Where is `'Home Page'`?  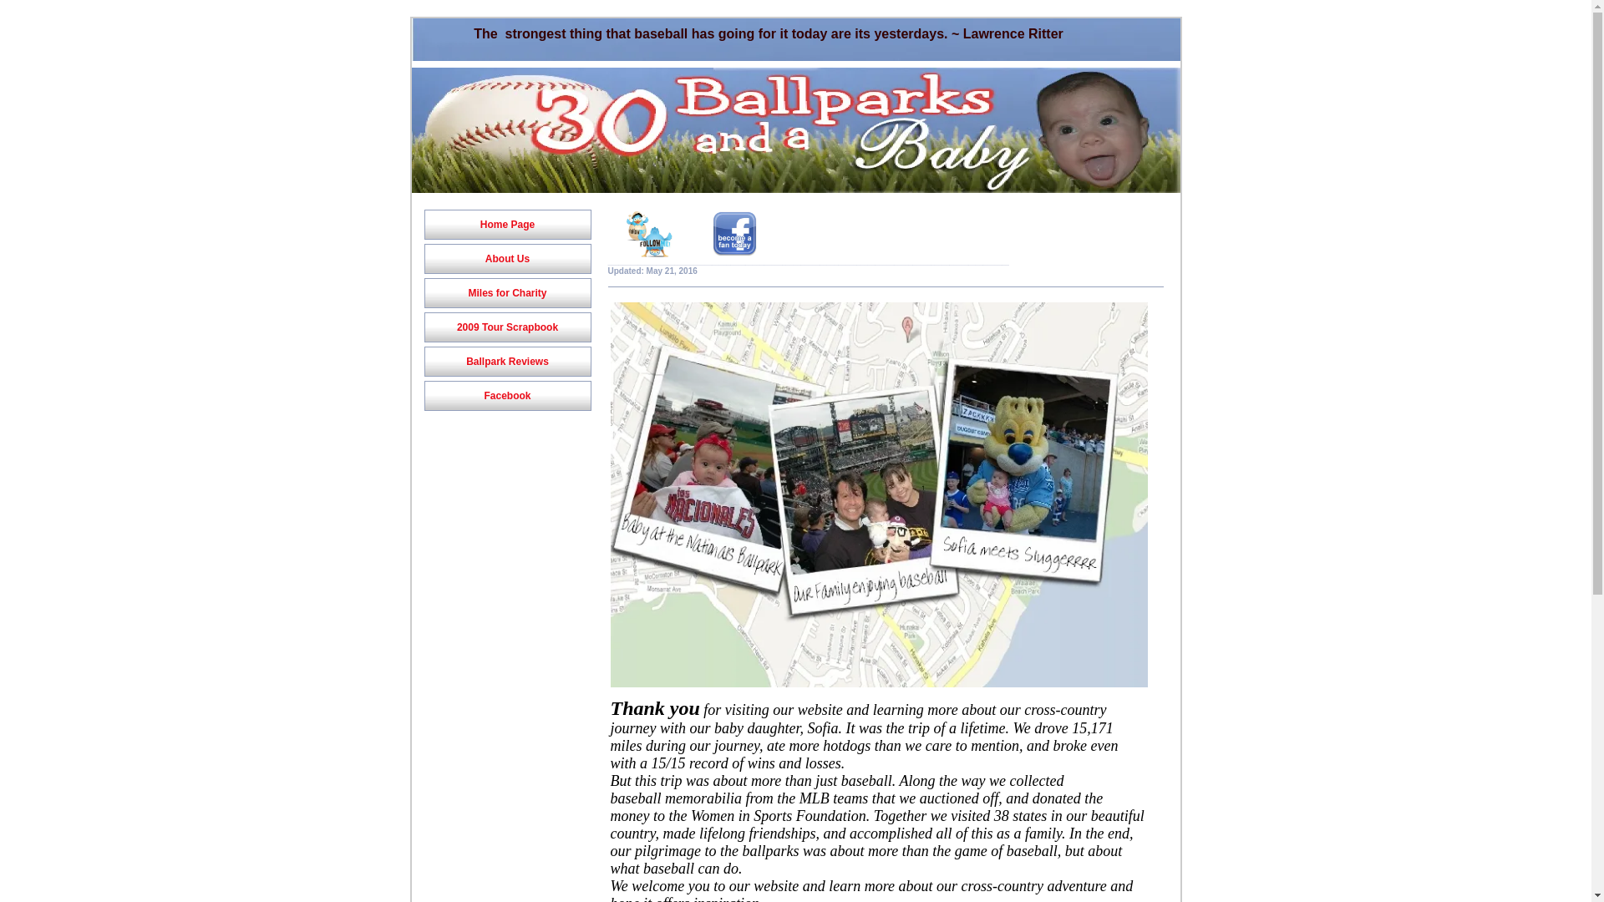 'Home Page' is located at coordinates (424, 224).